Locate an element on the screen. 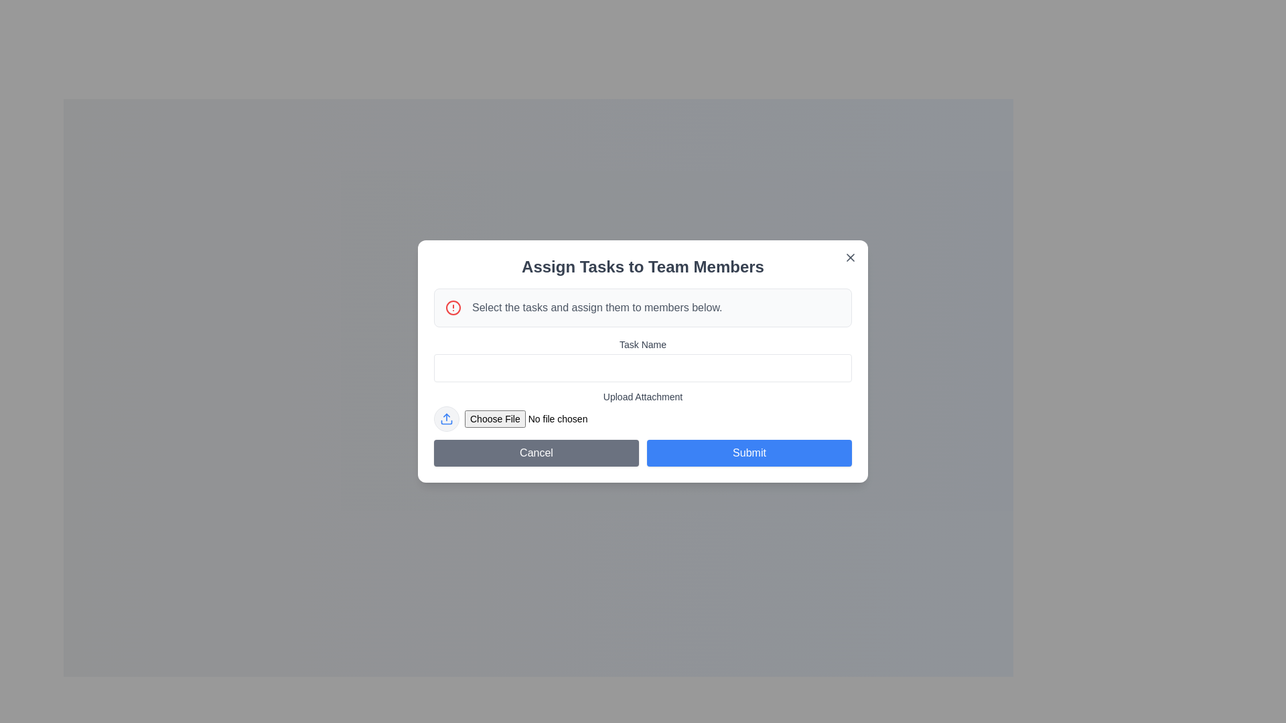 The image size is (1286, 723). the 'Submit' button, which is a rectangular button with rounded corners, blue background, and white text, located in the bottom-right corner of the dialog modal is located at coordinates (748, 453).